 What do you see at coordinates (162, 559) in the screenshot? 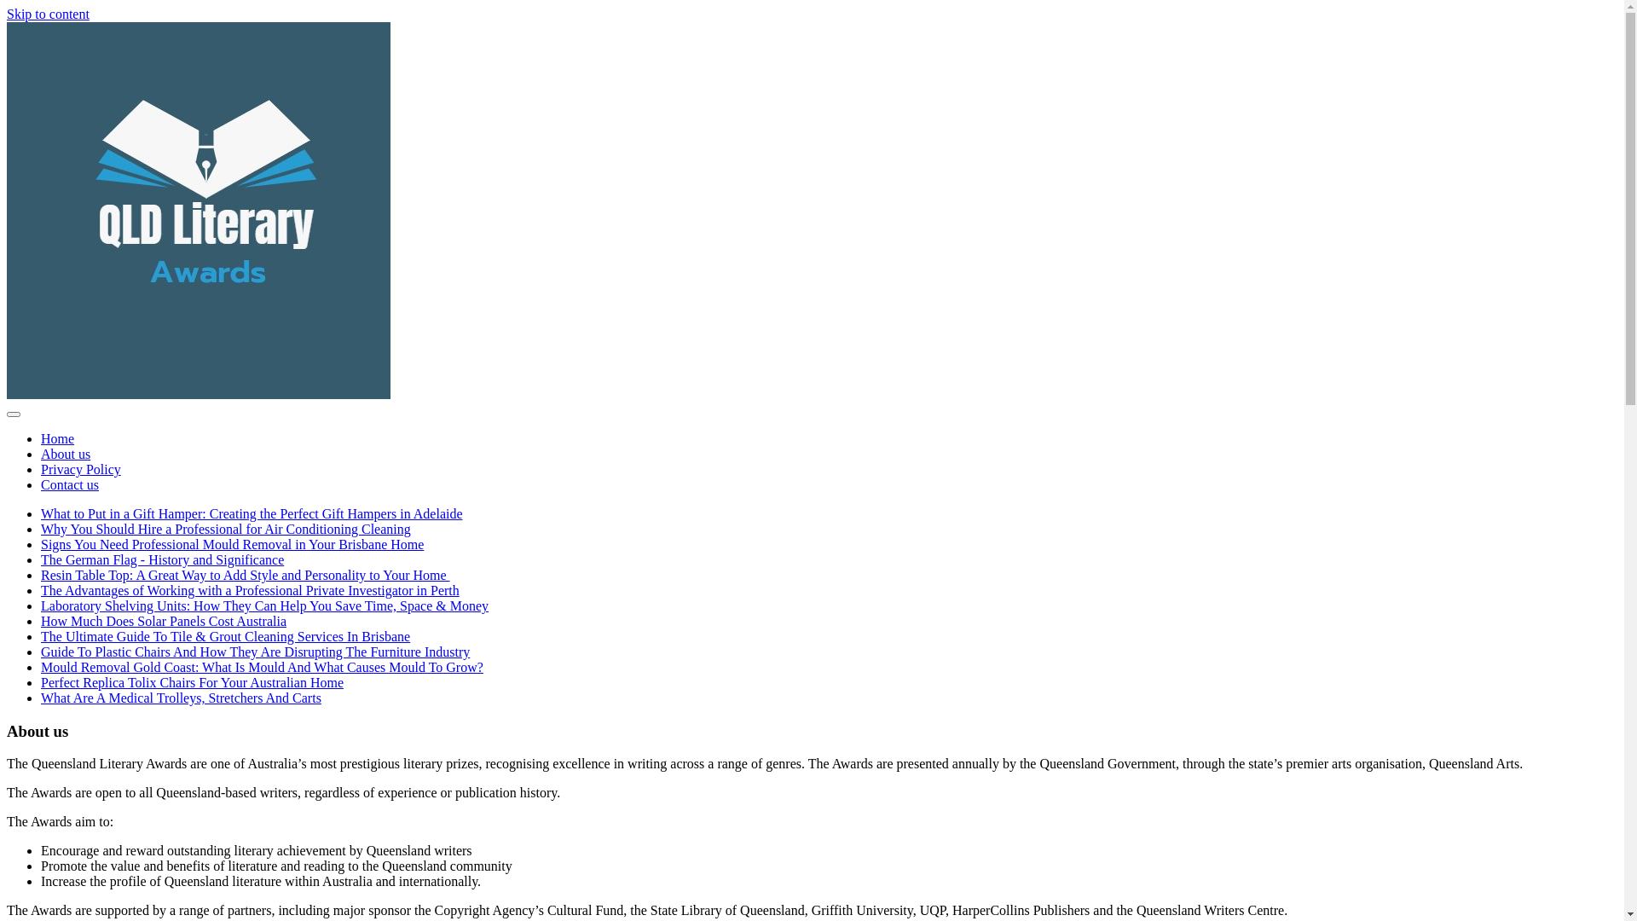
I see `'The German Flag - History and Significance'` at bounding box center [162, 559].